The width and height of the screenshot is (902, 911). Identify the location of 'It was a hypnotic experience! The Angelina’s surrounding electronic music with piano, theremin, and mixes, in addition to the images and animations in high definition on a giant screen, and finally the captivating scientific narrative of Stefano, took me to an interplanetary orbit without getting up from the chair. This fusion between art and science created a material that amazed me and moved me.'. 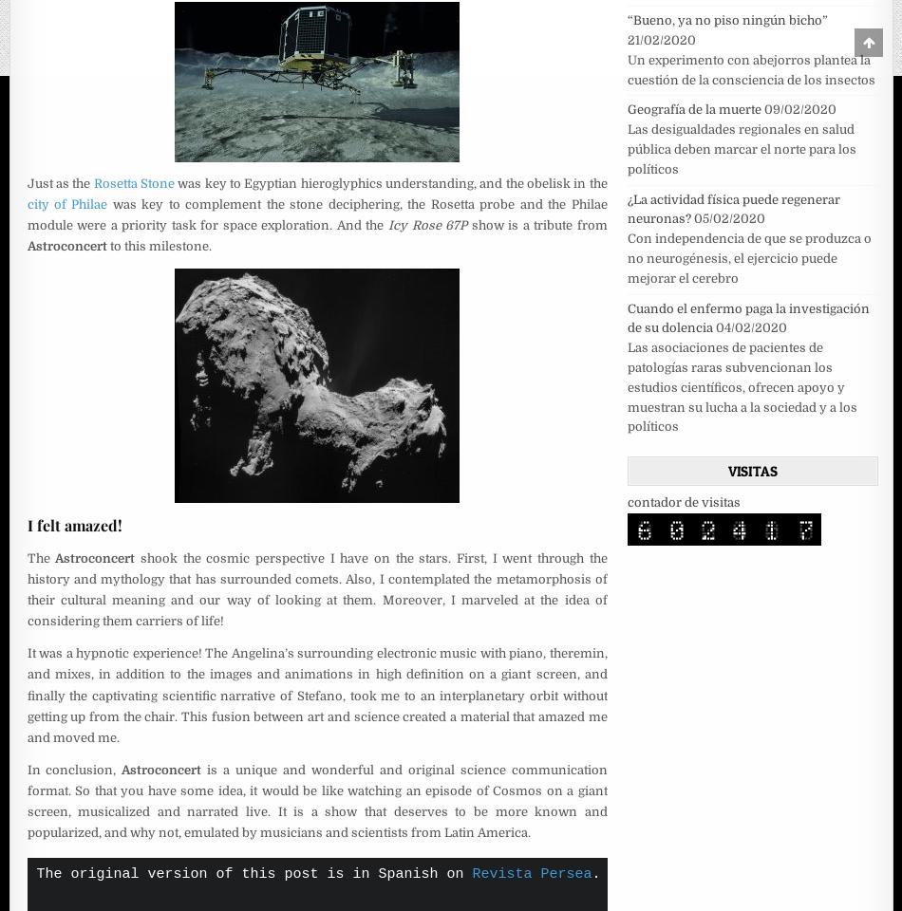
(315, 694).